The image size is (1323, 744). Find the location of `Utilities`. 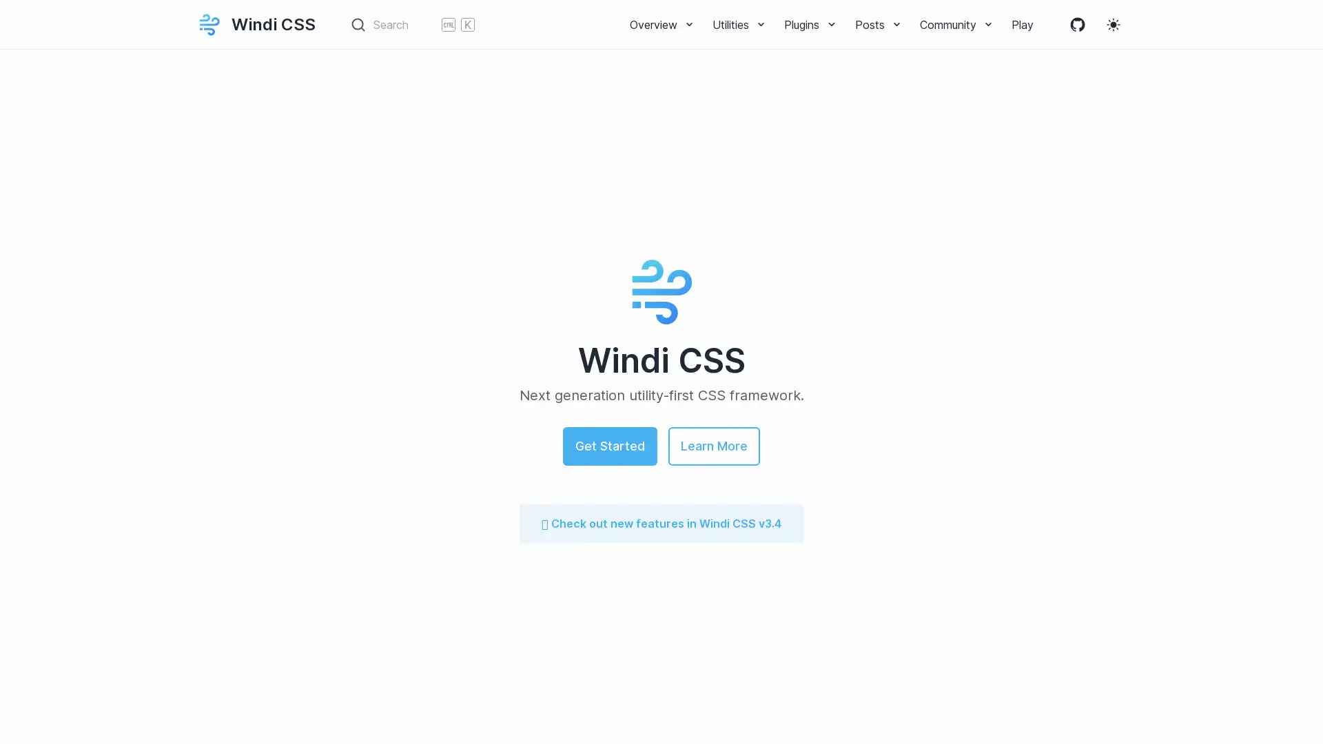

Utilities is located at coordinates (739, 23).